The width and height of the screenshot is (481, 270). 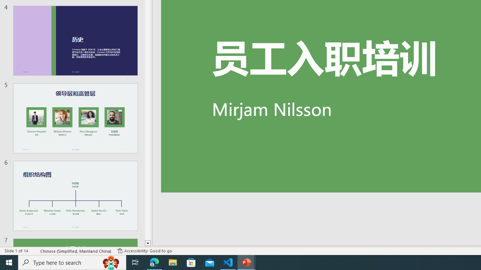 What do you see at coordinates (21, 240) in the screenshot?
I see `'Page Number Page 1 of 1'` at bounding box center [21, 240].